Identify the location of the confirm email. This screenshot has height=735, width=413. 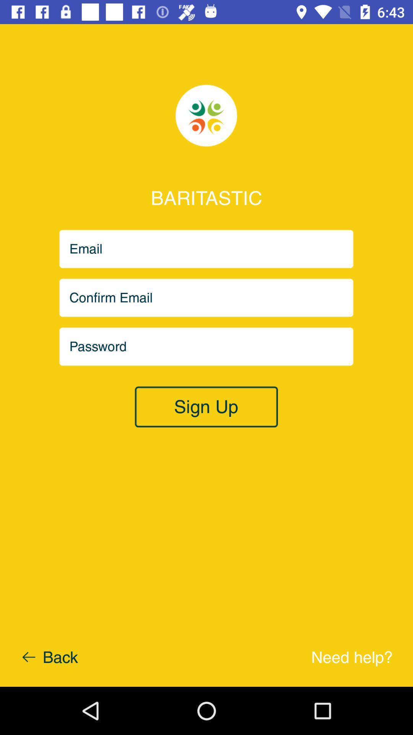
(206, 297).